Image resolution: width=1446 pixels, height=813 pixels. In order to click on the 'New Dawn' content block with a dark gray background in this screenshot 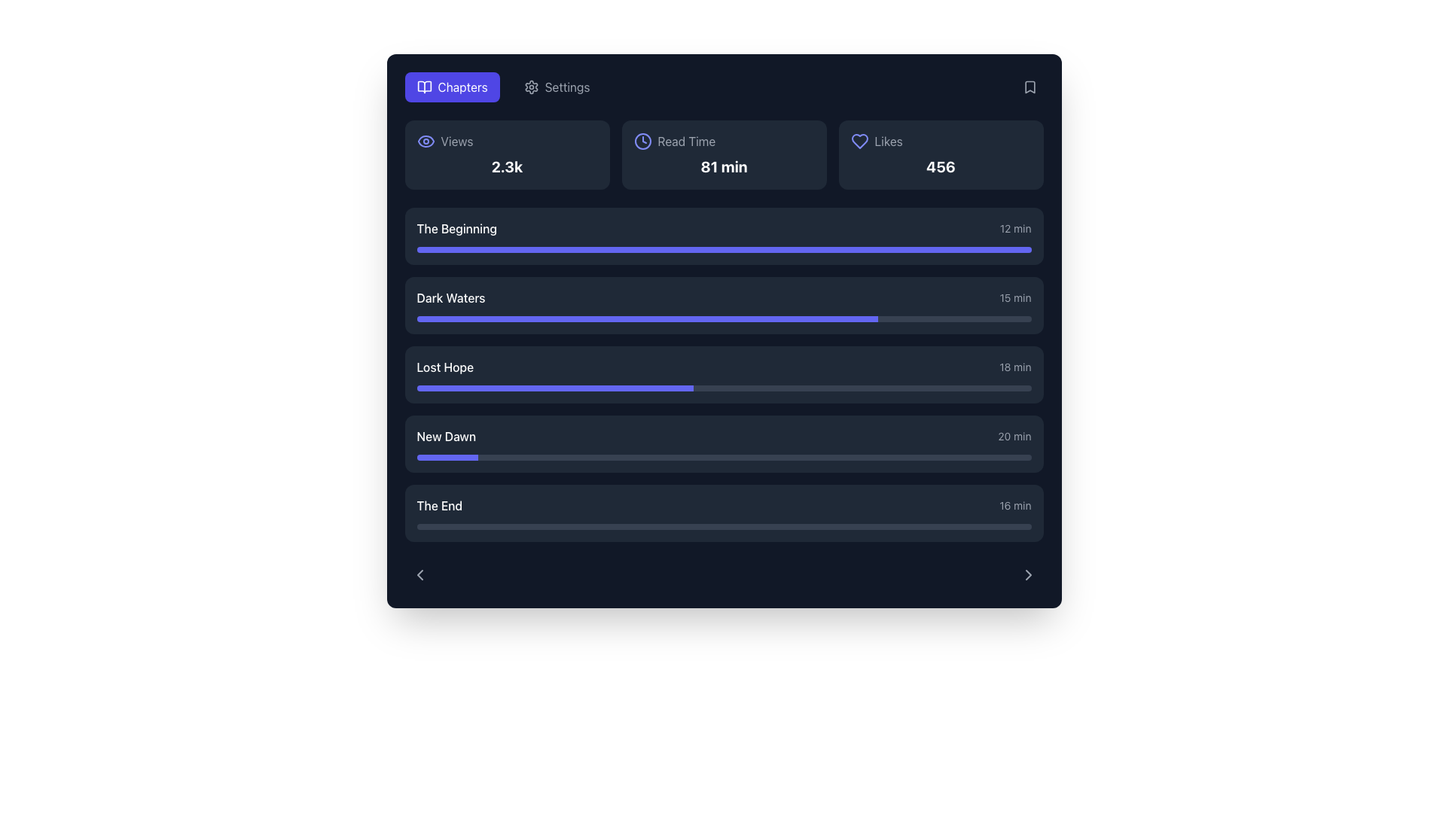, I will do `click(724, 443)`.